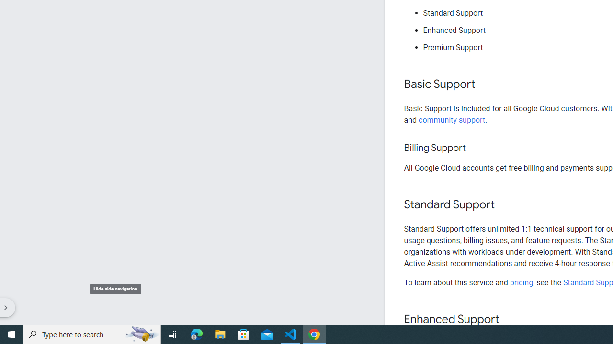 Image resolution: width=613 pixels, height=344 pixels. What do you see at coordinates (504, 204) in the screenshot?
I see `'Copy link to this section: Standard Support'` at bounding box center [504, 204].